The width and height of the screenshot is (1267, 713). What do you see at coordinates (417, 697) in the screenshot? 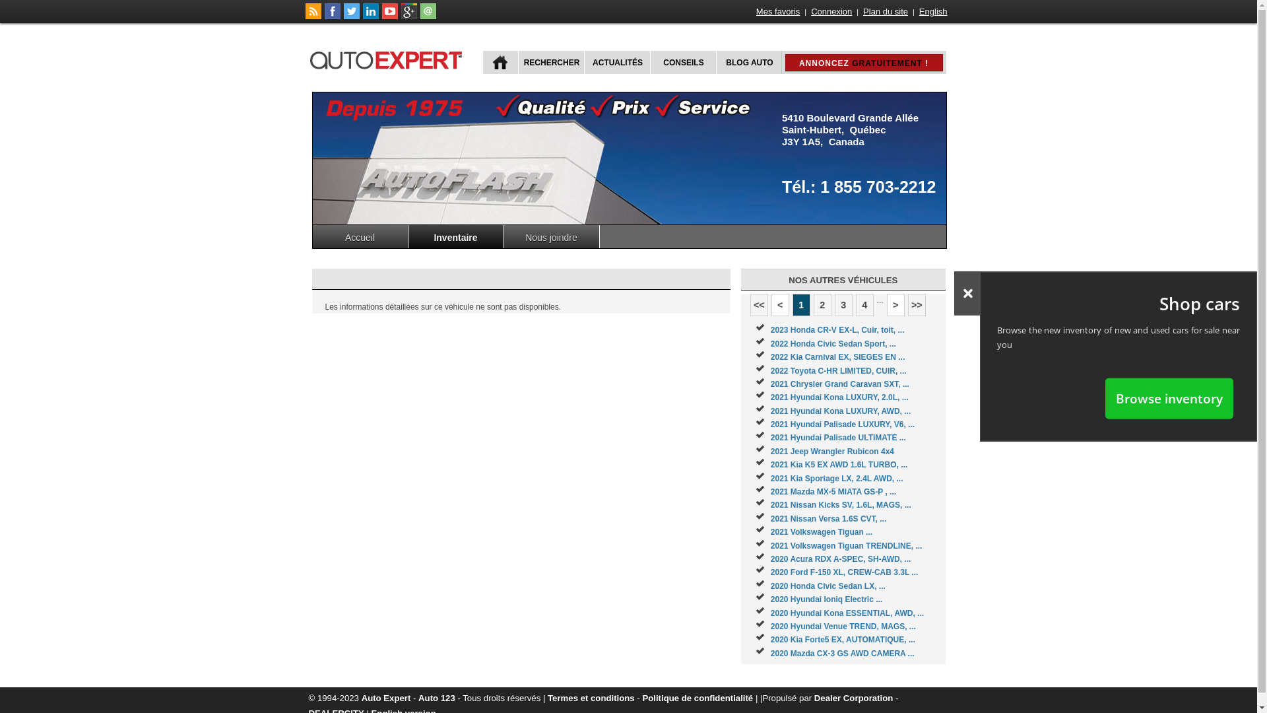
I see `'Auto 123'` at bounding box center [417, 697].